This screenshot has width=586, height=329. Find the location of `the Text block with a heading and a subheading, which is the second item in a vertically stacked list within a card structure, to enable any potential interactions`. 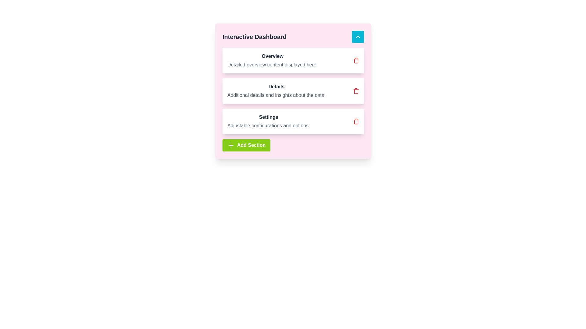

the Text block with a heading and a subheading, which is the second item in a vertically stacked list within a card structure, to enable any potential interactions is located at coordinates (276, 91).